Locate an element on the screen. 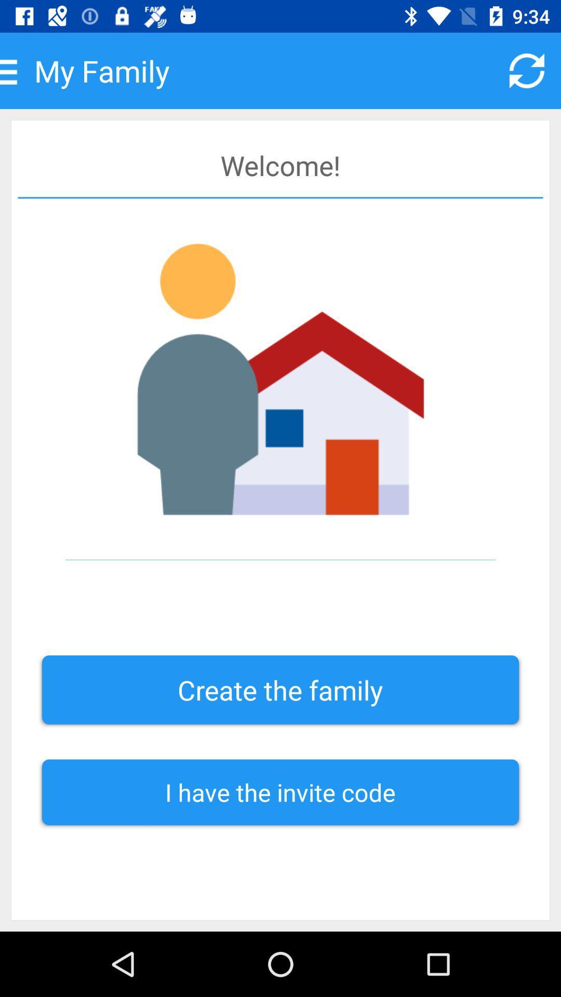 The image size is (561, 997). refresh button is located at coordinates (527, 70).